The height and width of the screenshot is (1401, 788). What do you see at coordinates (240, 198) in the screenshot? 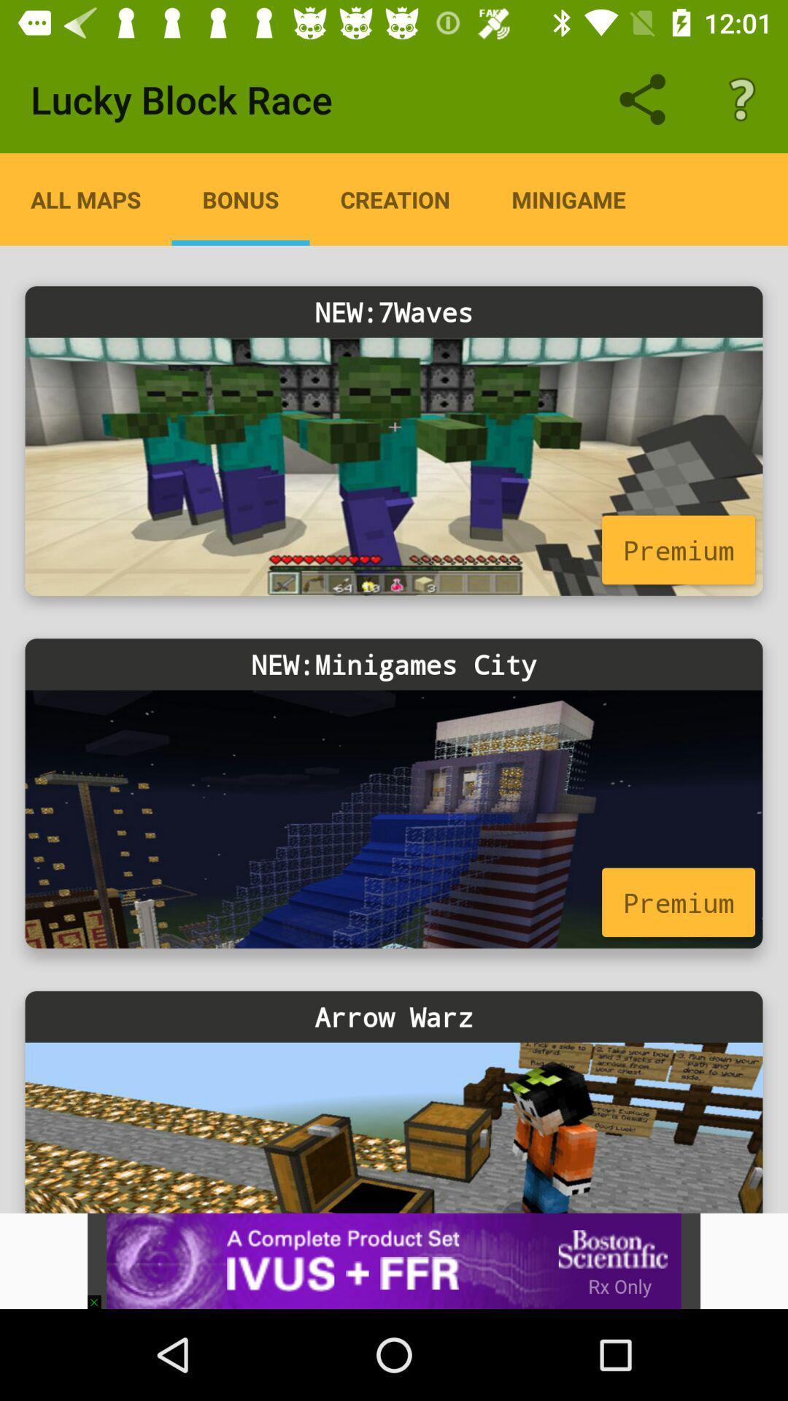
I see `the icon next to the creation icon` at bounding box center [240, 198].